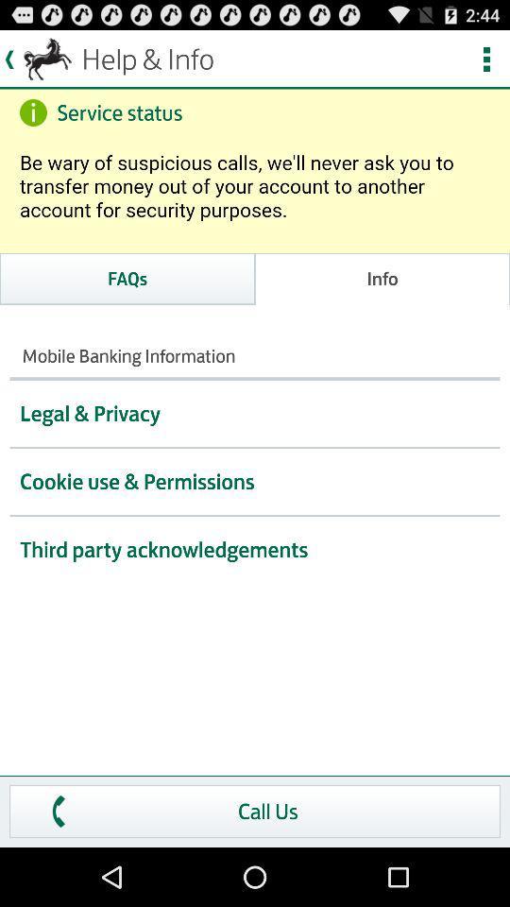  I want to click on the cookie use  permissions option, so click(255, 480).